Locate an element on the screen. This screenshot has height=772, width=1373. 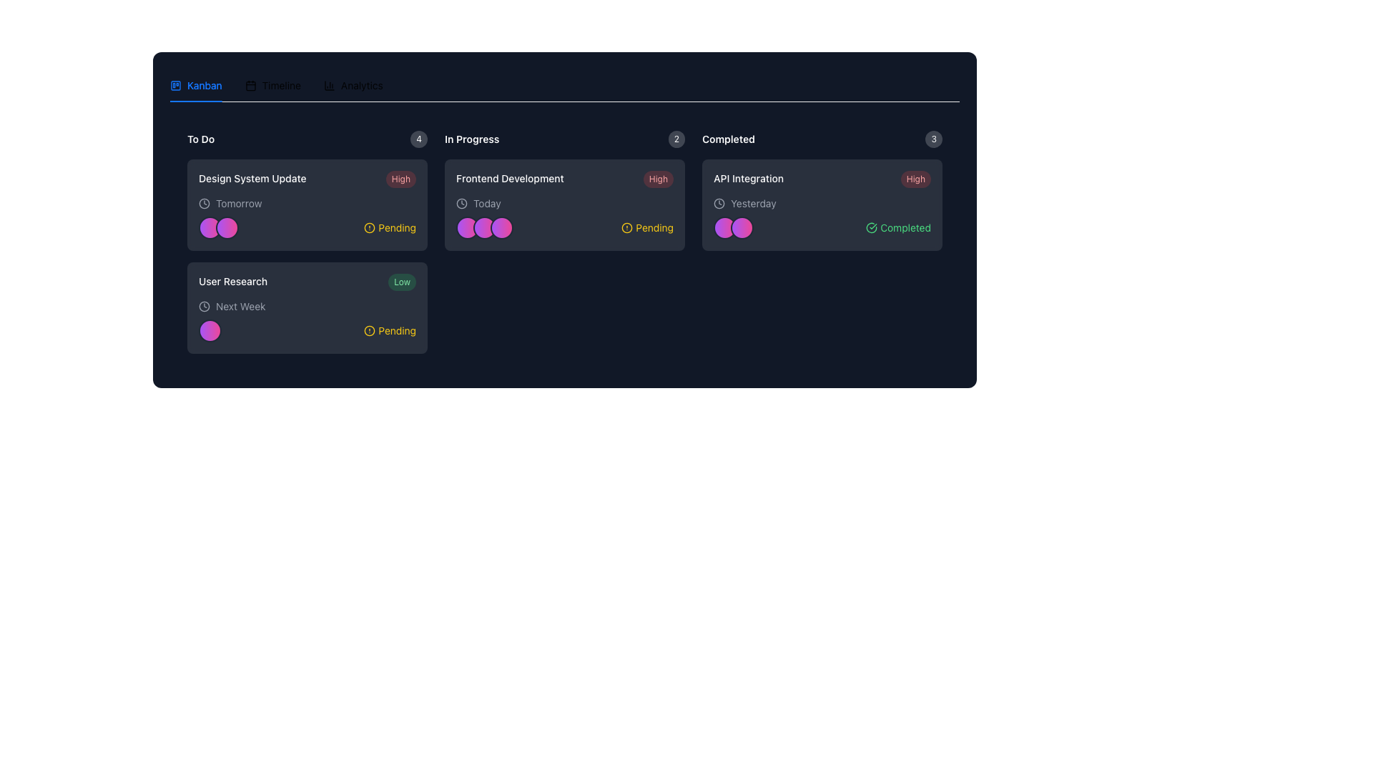
the 'Kanban' tab in the navigation bar is located at coordinates (276, 85).